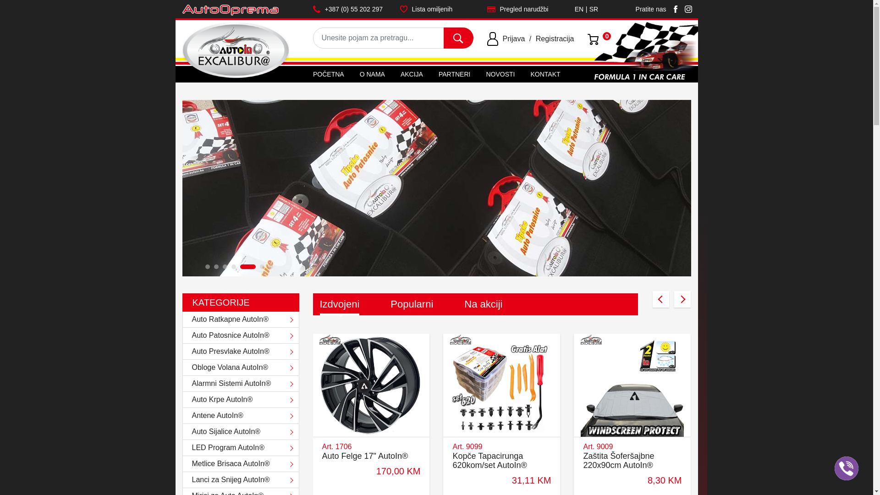  What do you see at coordinates (339, 304) in the screenshot?
I see `'Izdvojeni'` at bounding box center [339, 304].